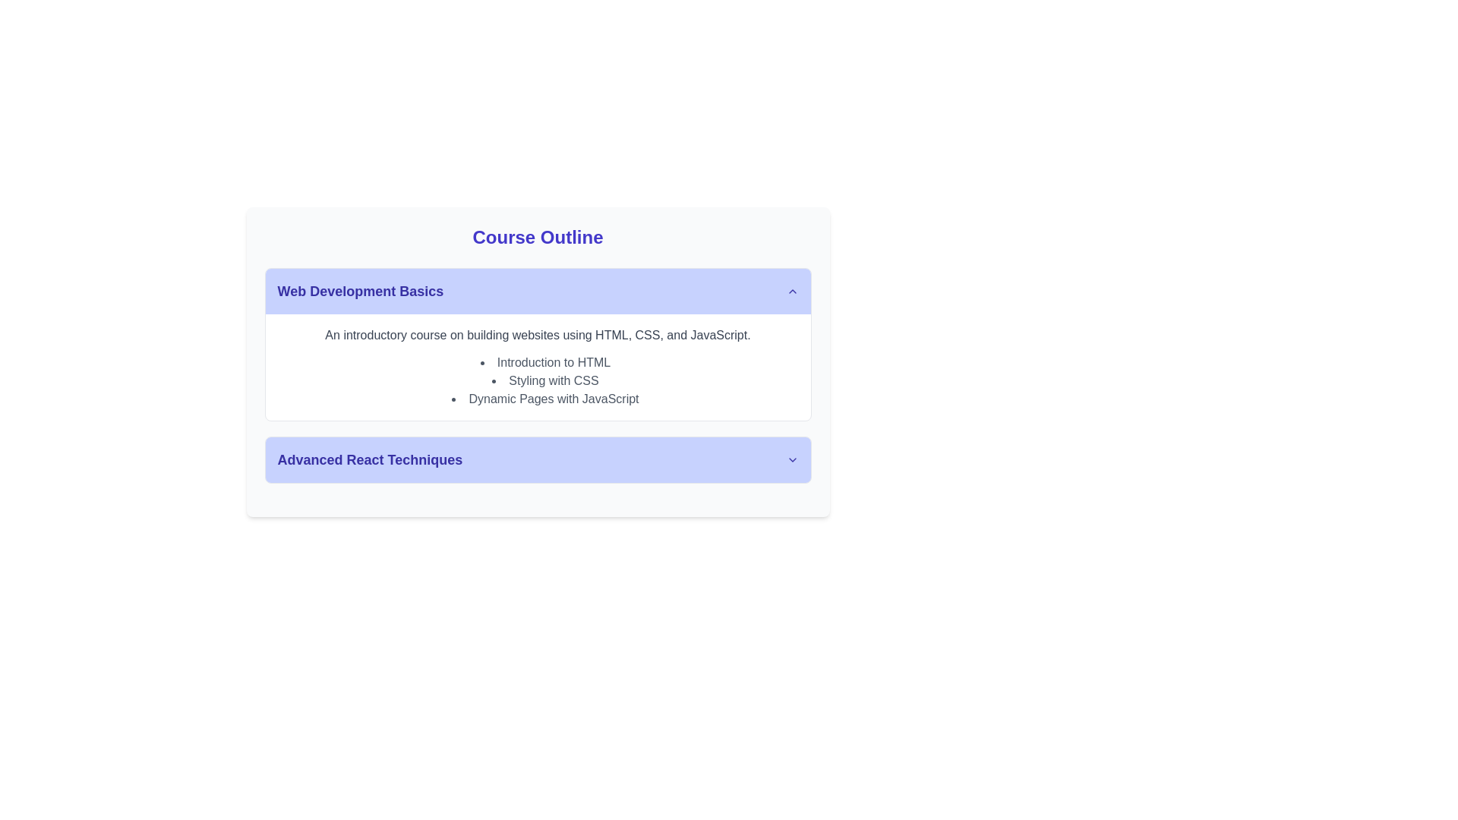  Describe the element at coordinates (545, 398) in the screenshot. I see `text of the list item that states 'Dynamic Pages with JavaScript.' It is the third item in the bulleted list under the header 'Web Development Basics.'` at that location.